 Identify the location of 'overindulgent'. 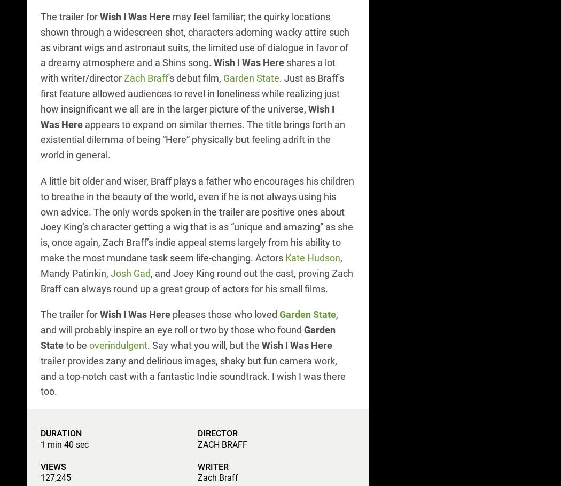
(117, 345).